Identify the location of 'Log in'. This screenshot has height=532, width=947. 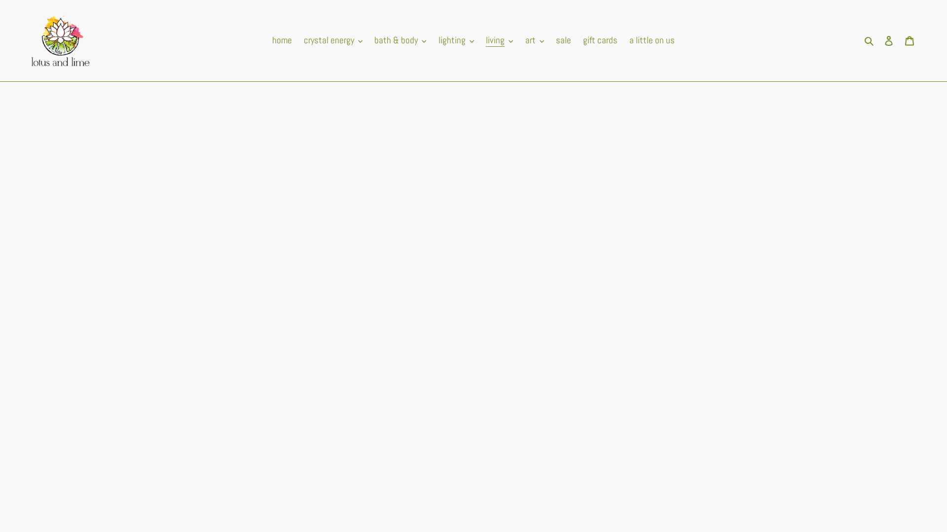
(888, 40).